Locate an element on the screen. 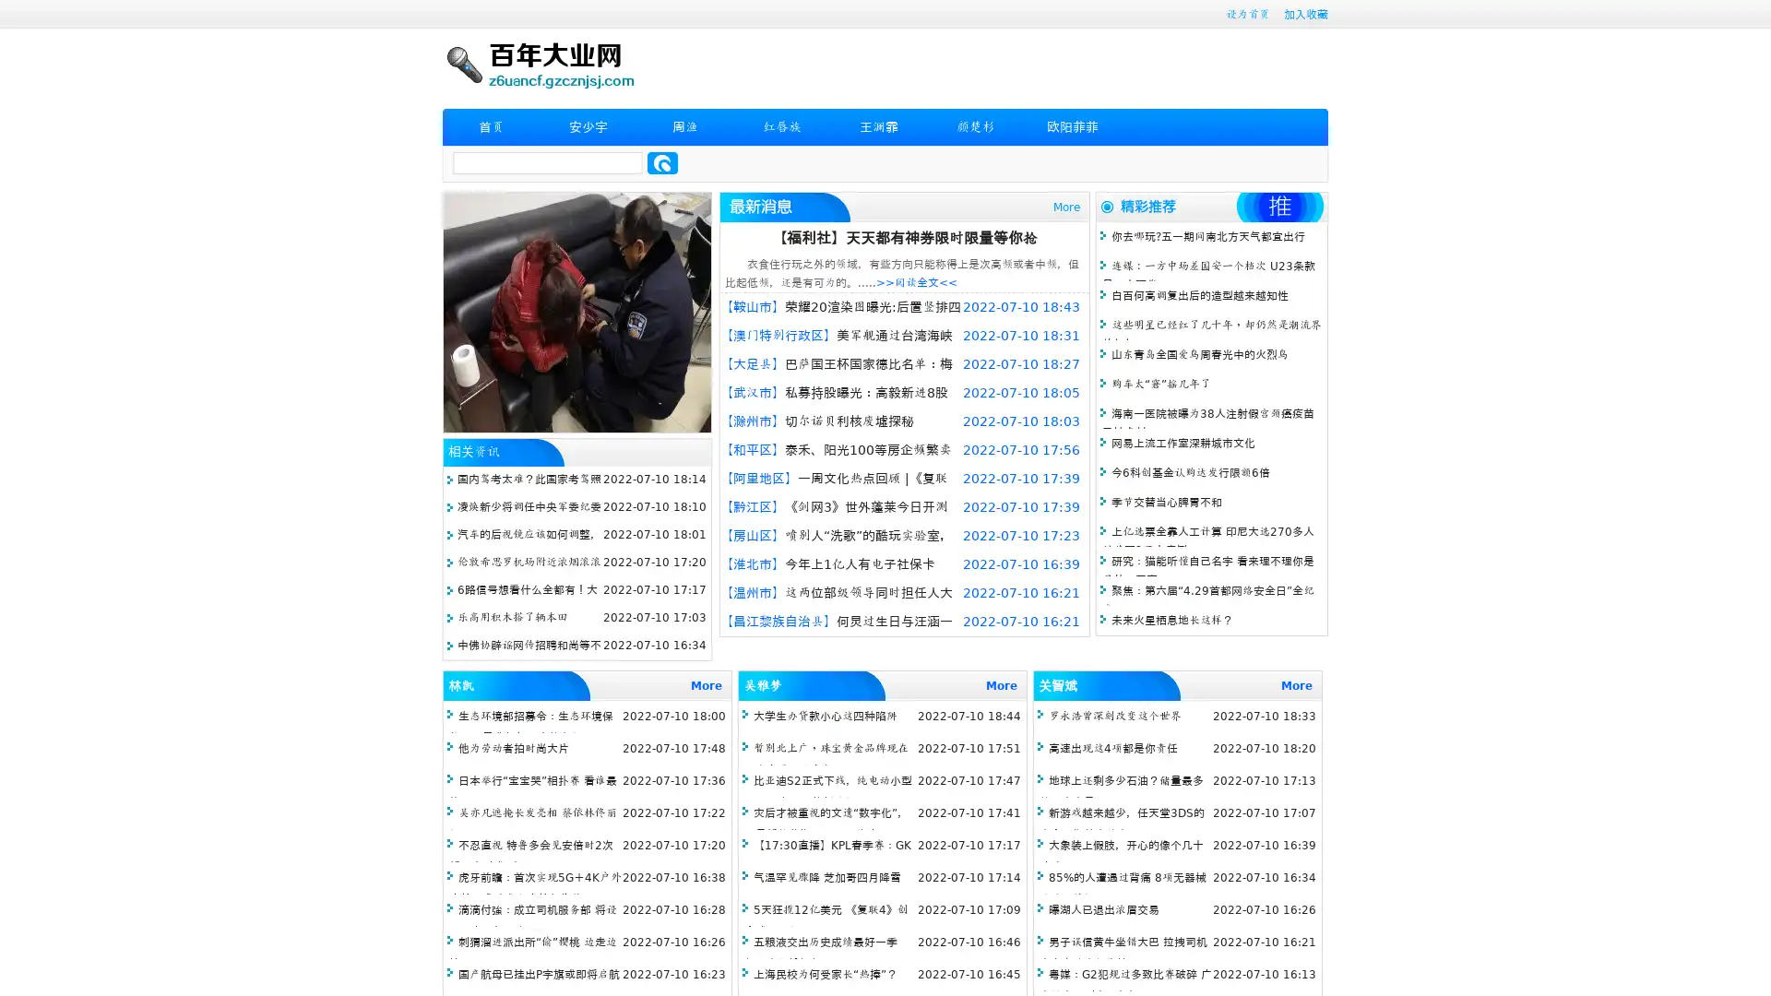 The image size is (1771, 996). Search is located at coordinates (662, 162).